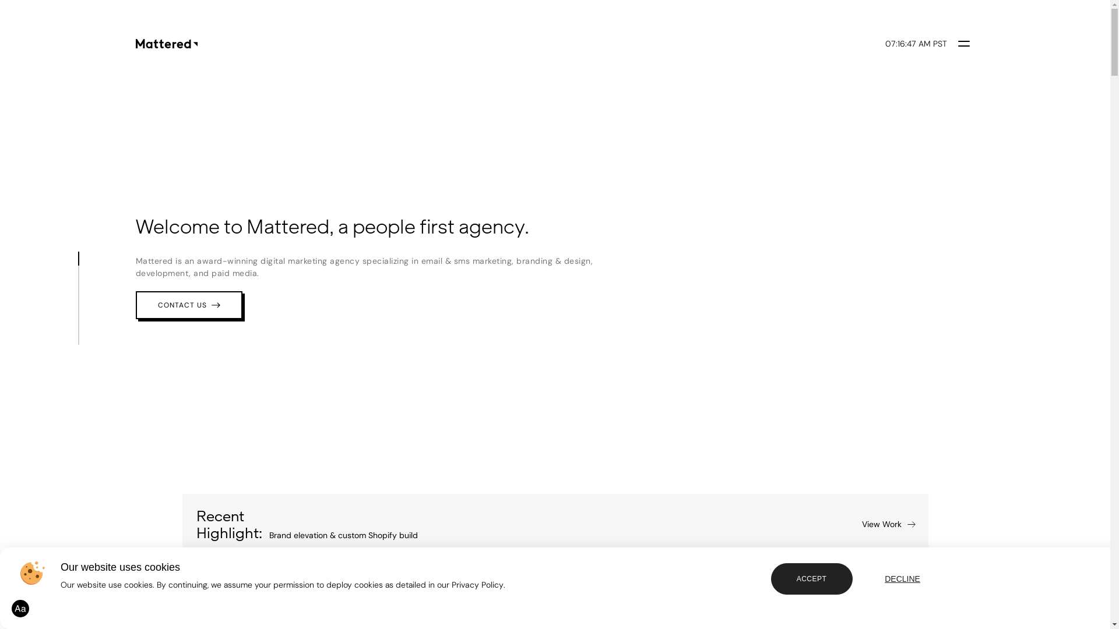 The image size is (1119, 629). I want to click on 'DECLINE', so click(902, 579).